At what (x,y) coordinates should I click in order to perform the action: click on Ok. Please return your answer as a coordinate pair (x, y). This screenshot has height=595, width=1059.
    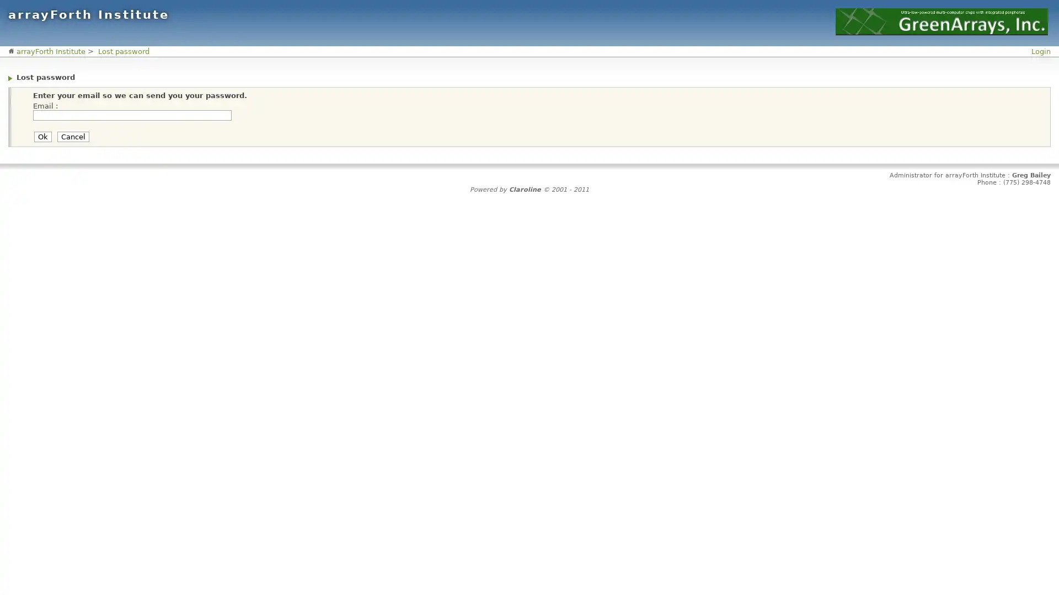
    Looking at the image, I should click on (42, 136).